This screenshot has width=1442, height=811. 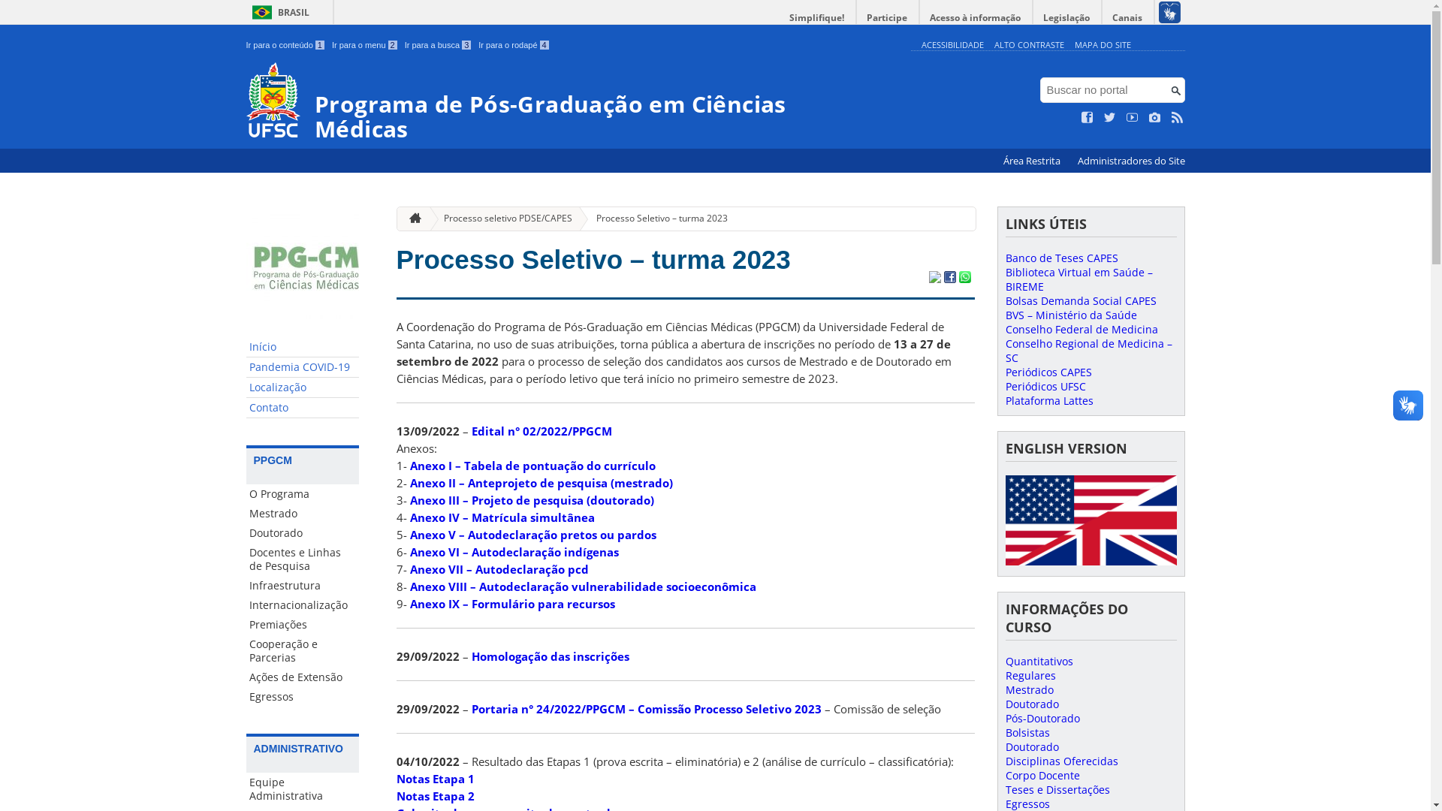 I want to click on 'Conselho Federal de Medicina', so click(x=1080, y=328).